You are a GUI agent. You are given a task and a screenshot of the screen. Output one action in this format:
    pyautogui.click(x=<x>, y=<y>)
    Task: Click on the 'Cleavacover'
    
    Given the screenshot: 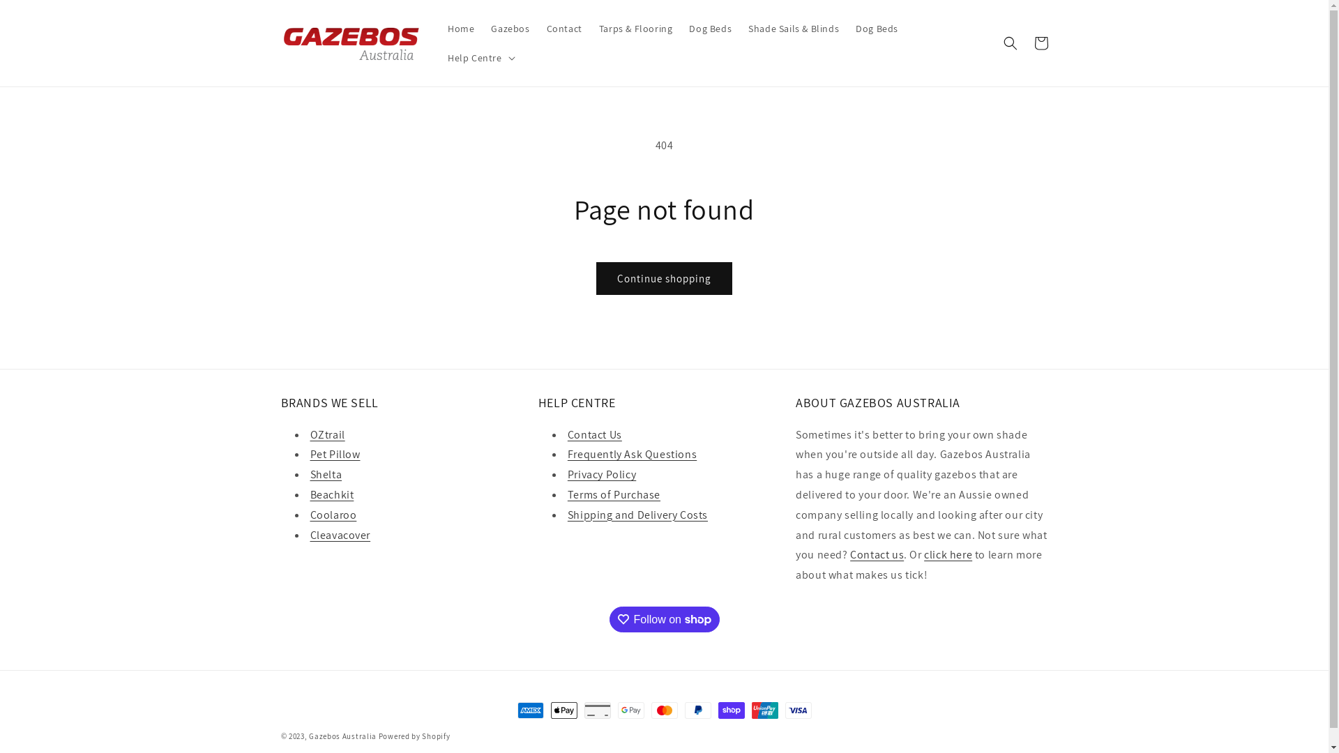 What is the action you would take?
    pyautogui.click(x=340, y=534)
    